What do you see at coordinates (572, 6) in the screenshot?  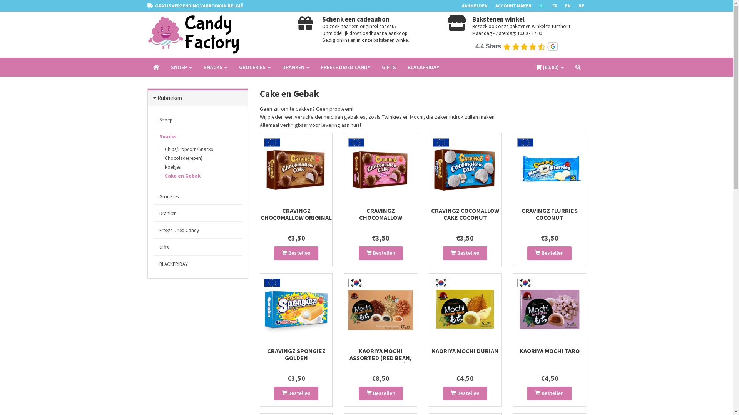 I see `'EN'` at bounding box center [572, 6].